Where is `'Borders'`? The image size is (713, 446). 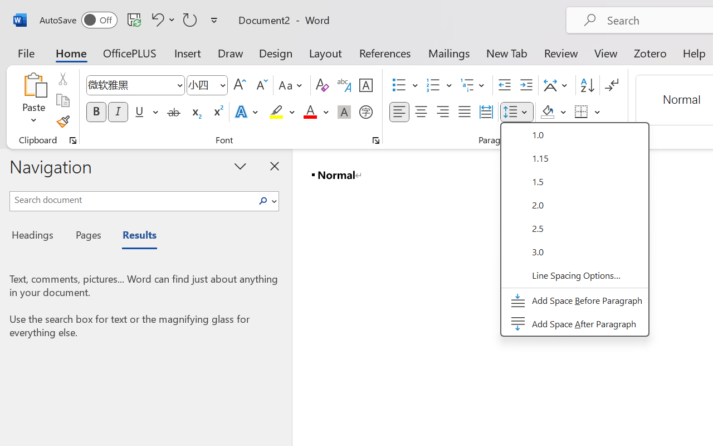
'Borders' is located at coordinates (587, 112).